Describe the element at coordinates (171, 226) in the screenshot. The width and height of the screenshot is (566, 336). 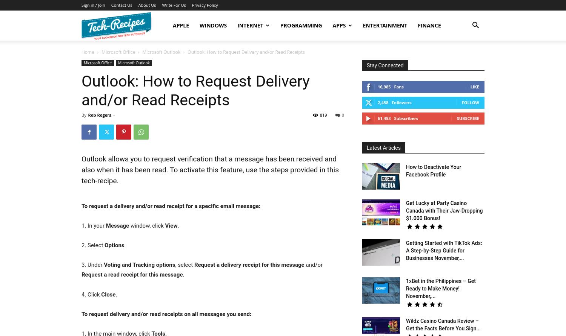
I see `'View'` at that location.